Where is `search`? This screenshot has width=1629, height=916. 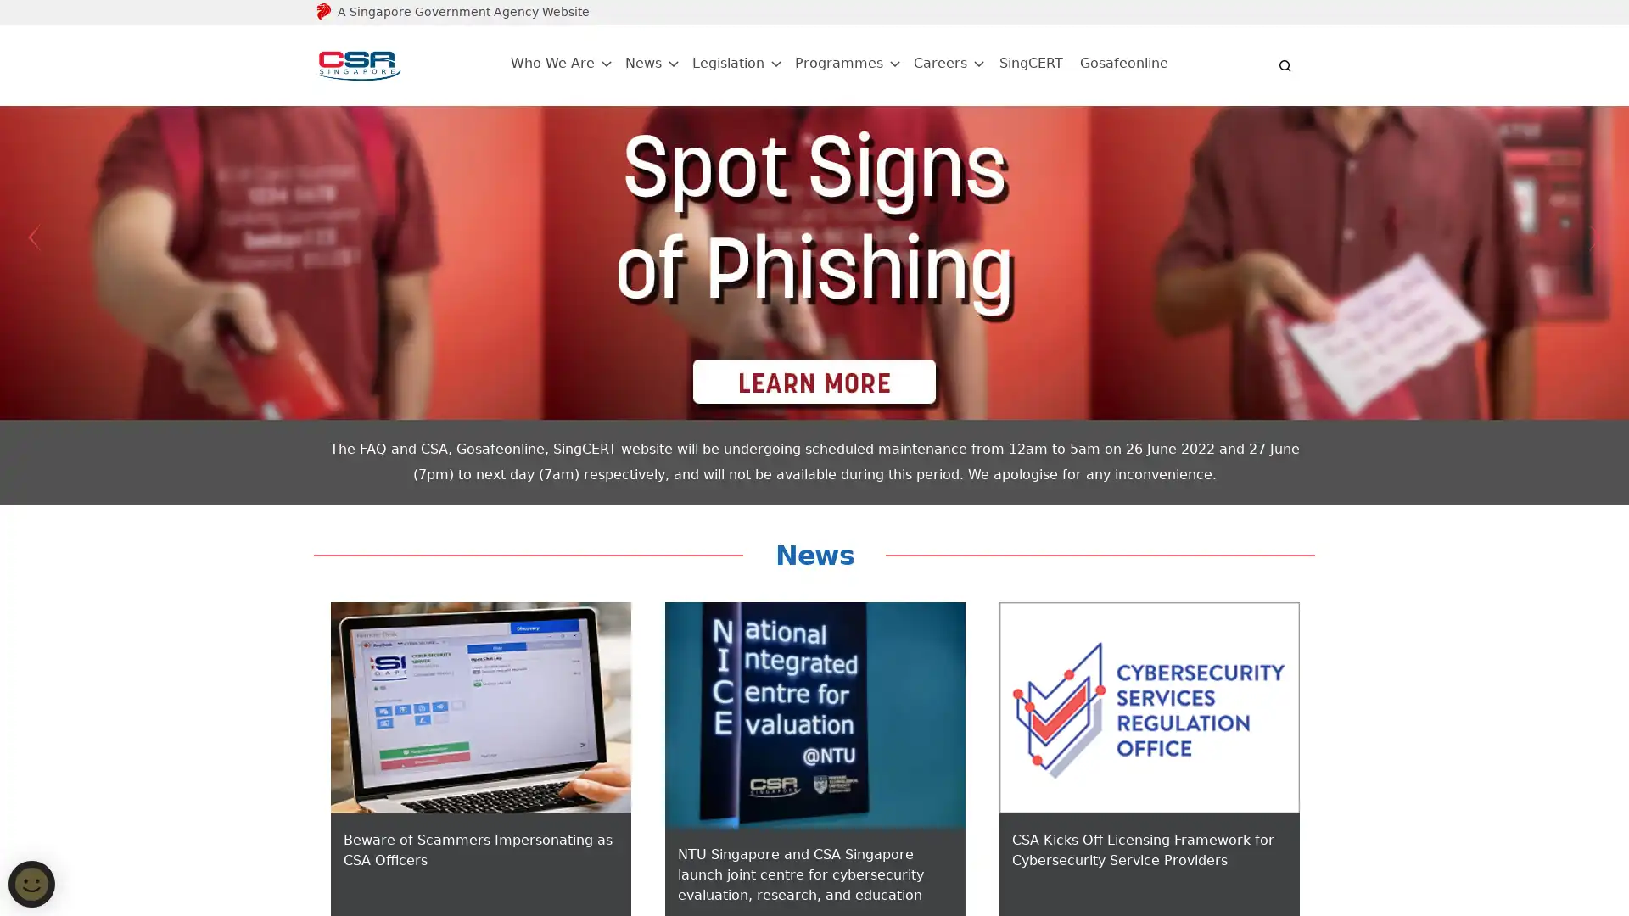 search is located at coordinates (1285, 64).